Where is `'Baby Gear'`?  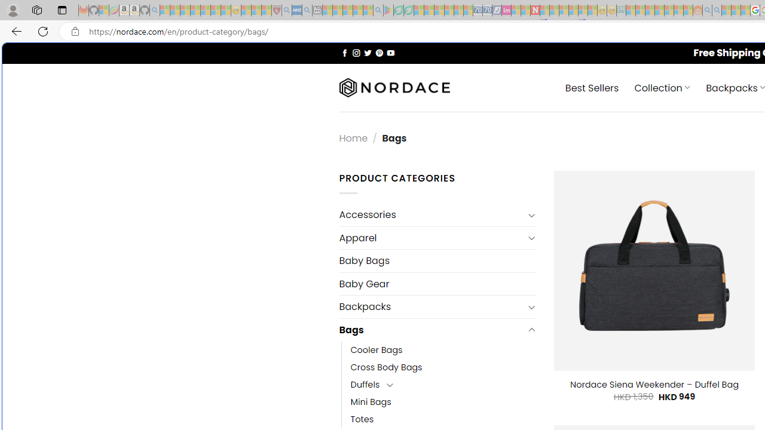 'Baby Gear' is located at coordinates (437, 284).